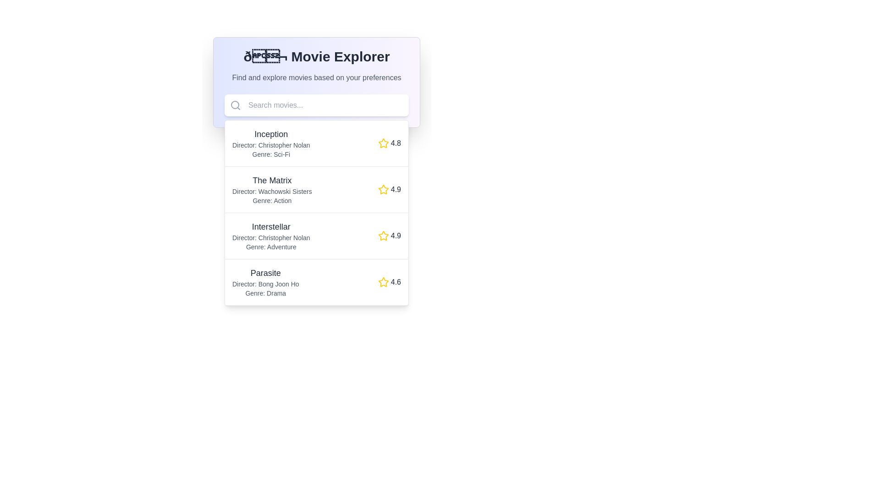 The image size is (880, 495). I want to click on the star icon representing the rating for the movie 'Interstellar', which is located in the third row from the top and shows a rating value of '4.9', so click(383, 236).